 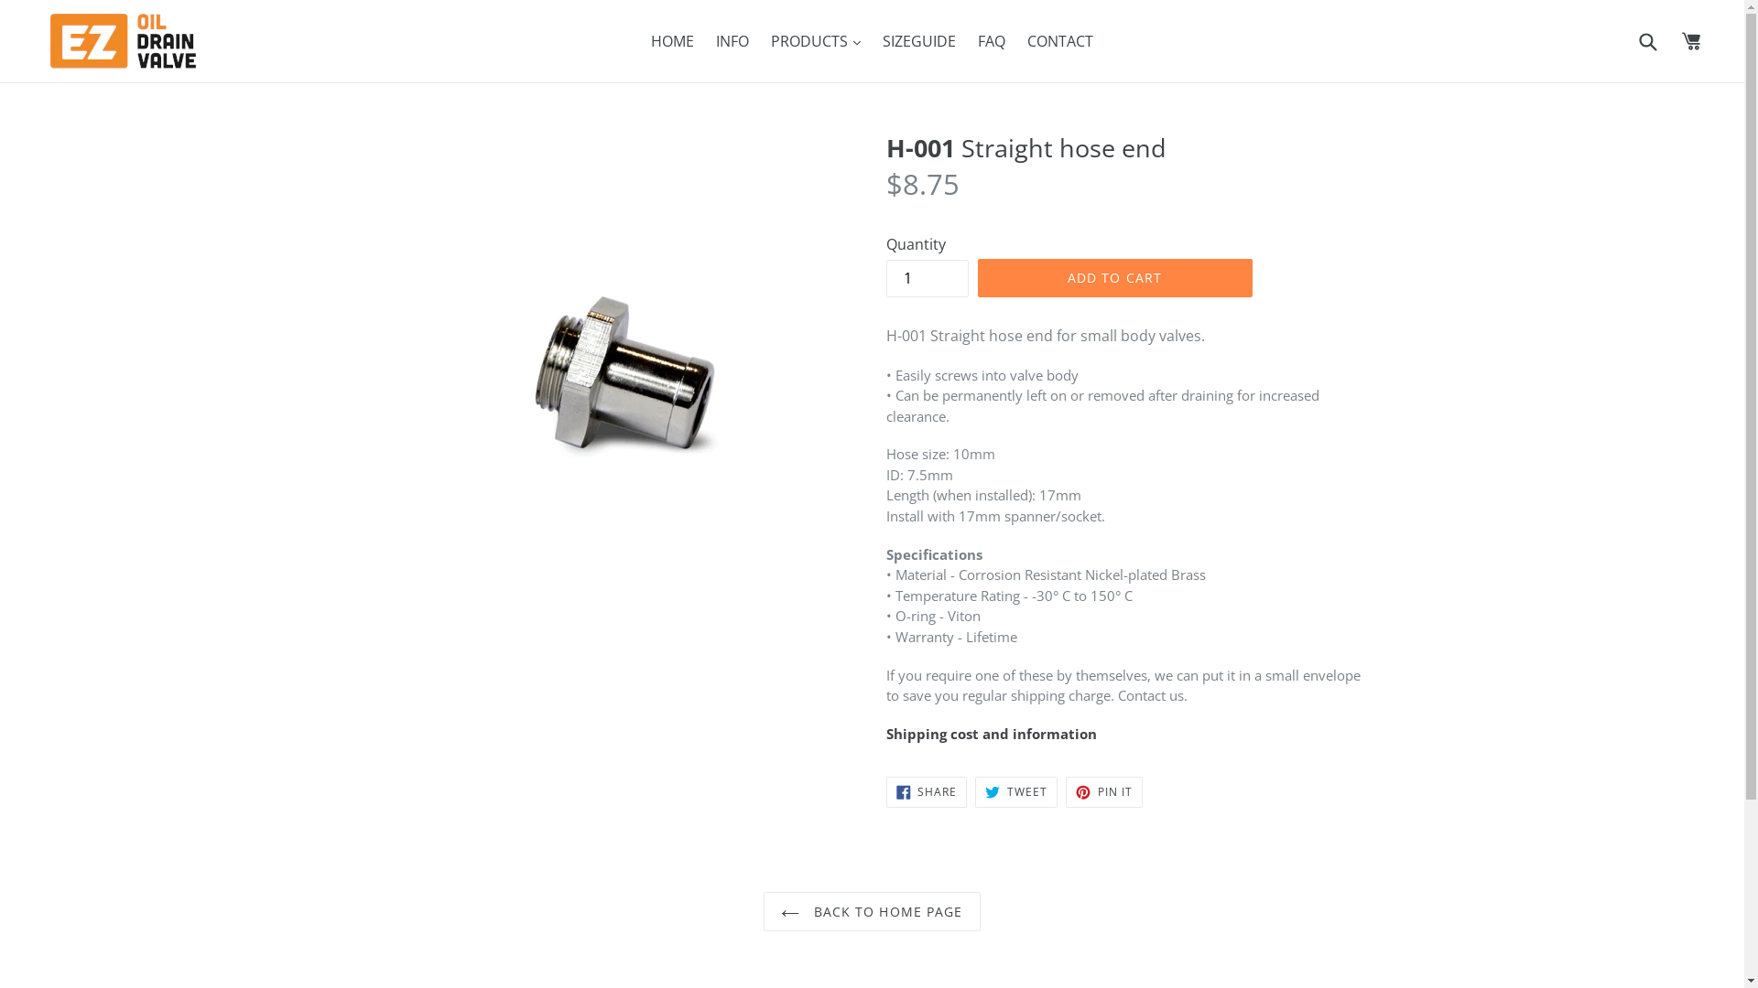 I want to click on 'Shipping cost and information', so click(x=991, y=733).